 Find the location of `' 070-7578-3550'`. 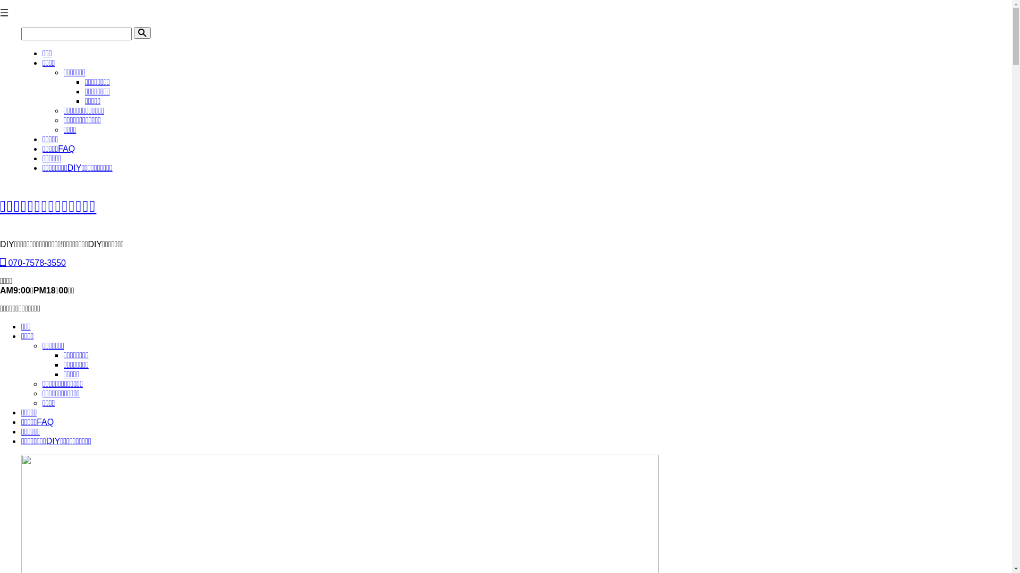

' 070-7578-3550' is located at coordinates (33, 263).